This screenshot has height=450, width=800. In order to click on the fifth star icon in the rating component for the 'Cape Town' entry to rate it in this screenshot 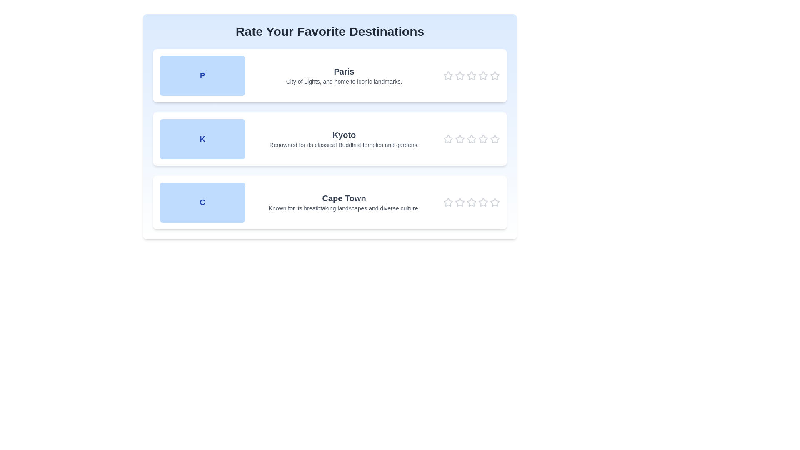, I will do `click(459, 202)`.